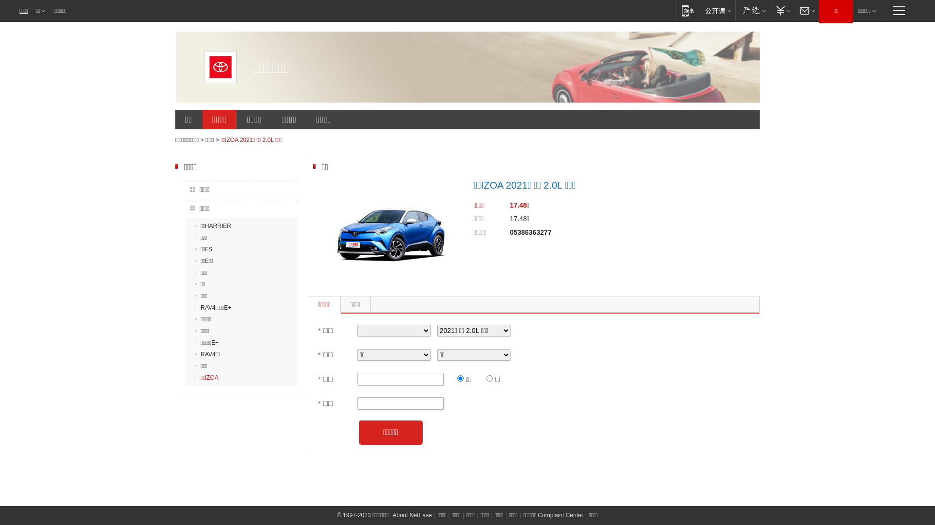 This screenshot has height=525, width=935. I want to click on 'About NetEase', so click(412, 515).